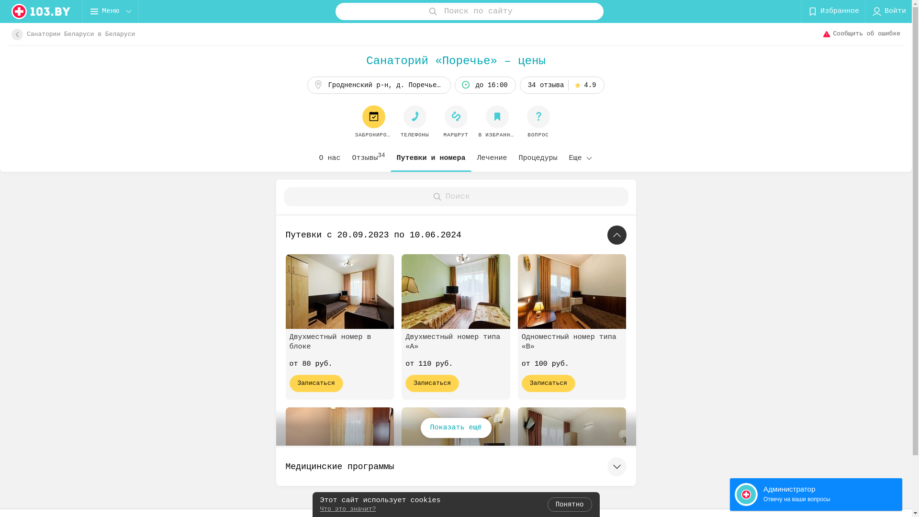  Describe the element at coordinates (41, 11) in the screenshot. I see `'logo'` at that location.